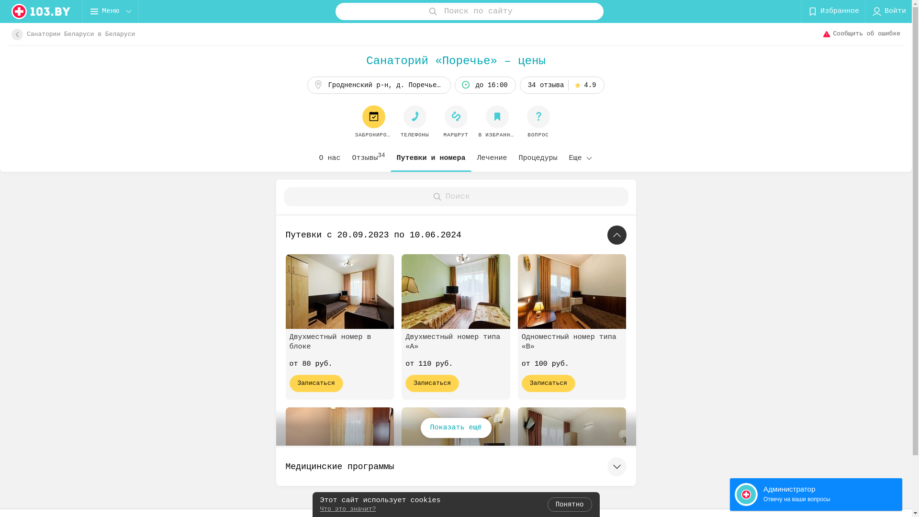  Describe the element at coordinates (41, 11) in the screenshot. I see `'logo'` at that location.